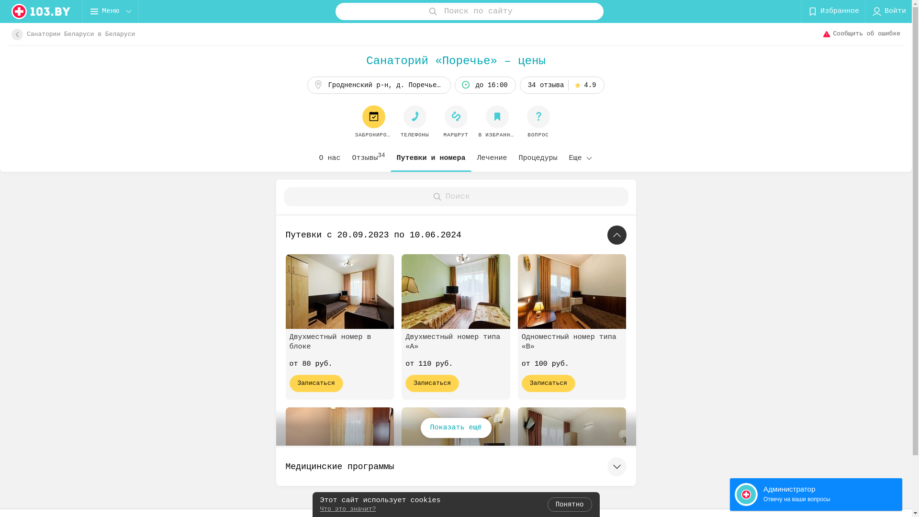  Describe the element at coordinates (41, 11) in the screenshot. I see `'logo'` at that location.